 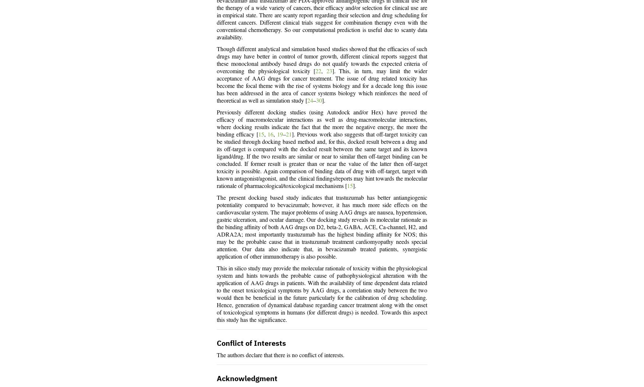 What do you see at coordinates (322, 61) in the screenshot?
I see `'Though different analytical and simulation based studies showed that the efficacies of such drugs may have better in control of tumor growth, different clinical reports suggest that these monoclonal antibody based drugs do not qualify towards the expected criteria of overcoming the physiological toxicity ['` at bounding box center [322, 61].